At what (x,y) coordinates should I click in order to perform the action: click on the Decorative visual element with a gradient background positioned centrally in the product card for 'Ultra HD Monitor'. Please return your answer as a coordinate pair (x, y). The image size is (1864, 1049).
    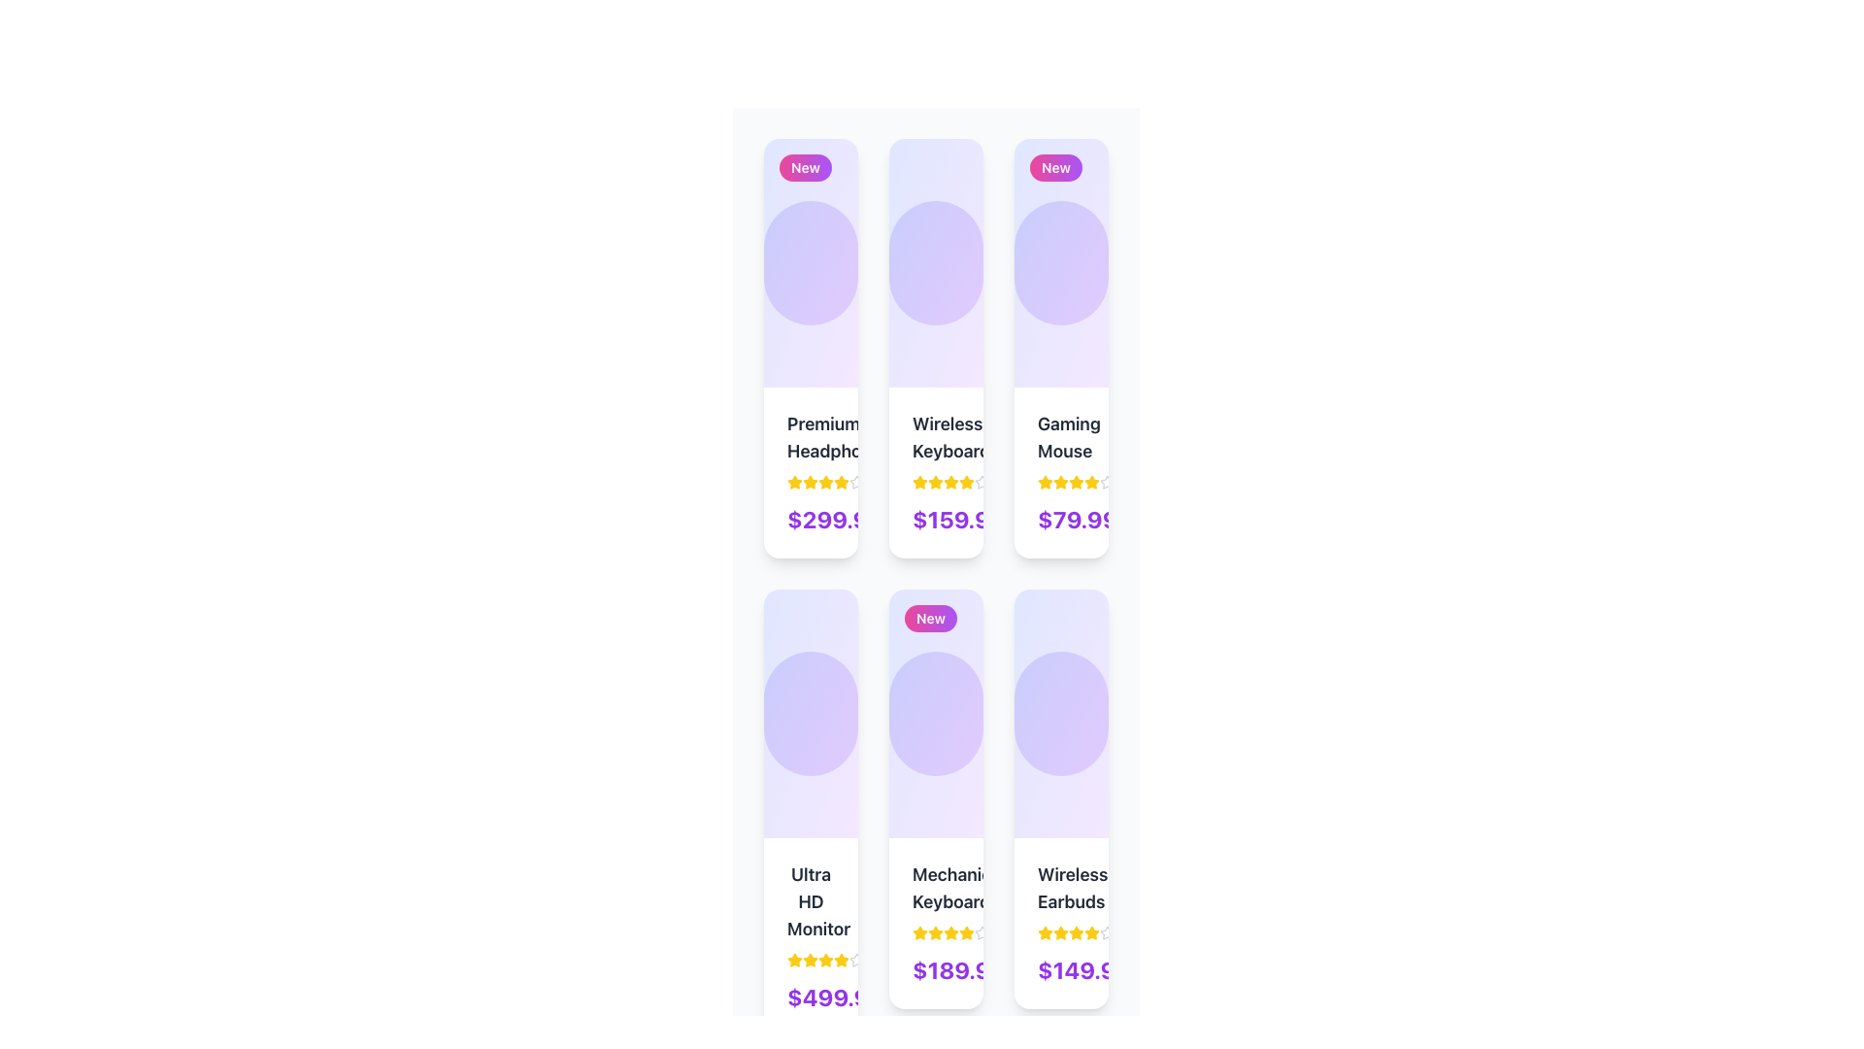
    Looking at the image, I should click on (811, 714).